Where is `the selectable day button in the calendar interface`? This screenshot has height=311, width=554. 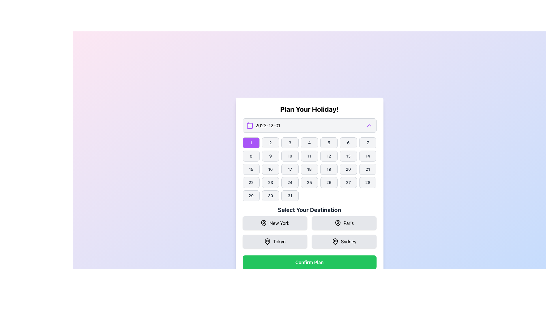
the selectable day button in the calendar interface is located at coordinates (309, 156).